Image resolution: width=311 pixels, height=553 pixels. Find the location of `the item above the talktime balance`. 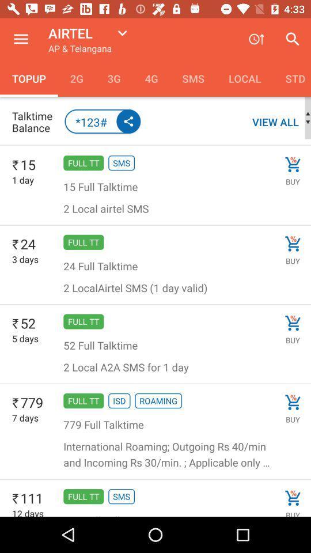

the item above the talktime balance is located at coordinates (77, 78).